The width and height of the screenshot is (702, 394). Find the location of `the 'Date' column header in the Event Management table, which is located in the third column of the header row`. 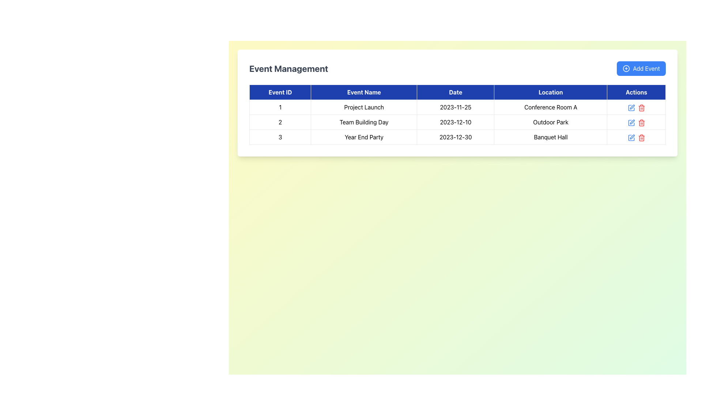

the 'Date' column header in the Event Management table, which is located in the third column of the header row is located at coordinates (455, 92).